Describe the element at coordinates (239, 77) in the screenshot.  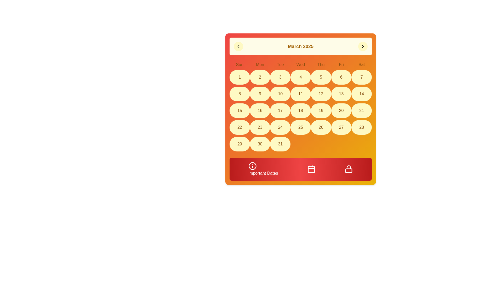
I see `the calendar date cell button located in the top-left corner of the calendar grid, directly under the label 'Sun'` at that location.